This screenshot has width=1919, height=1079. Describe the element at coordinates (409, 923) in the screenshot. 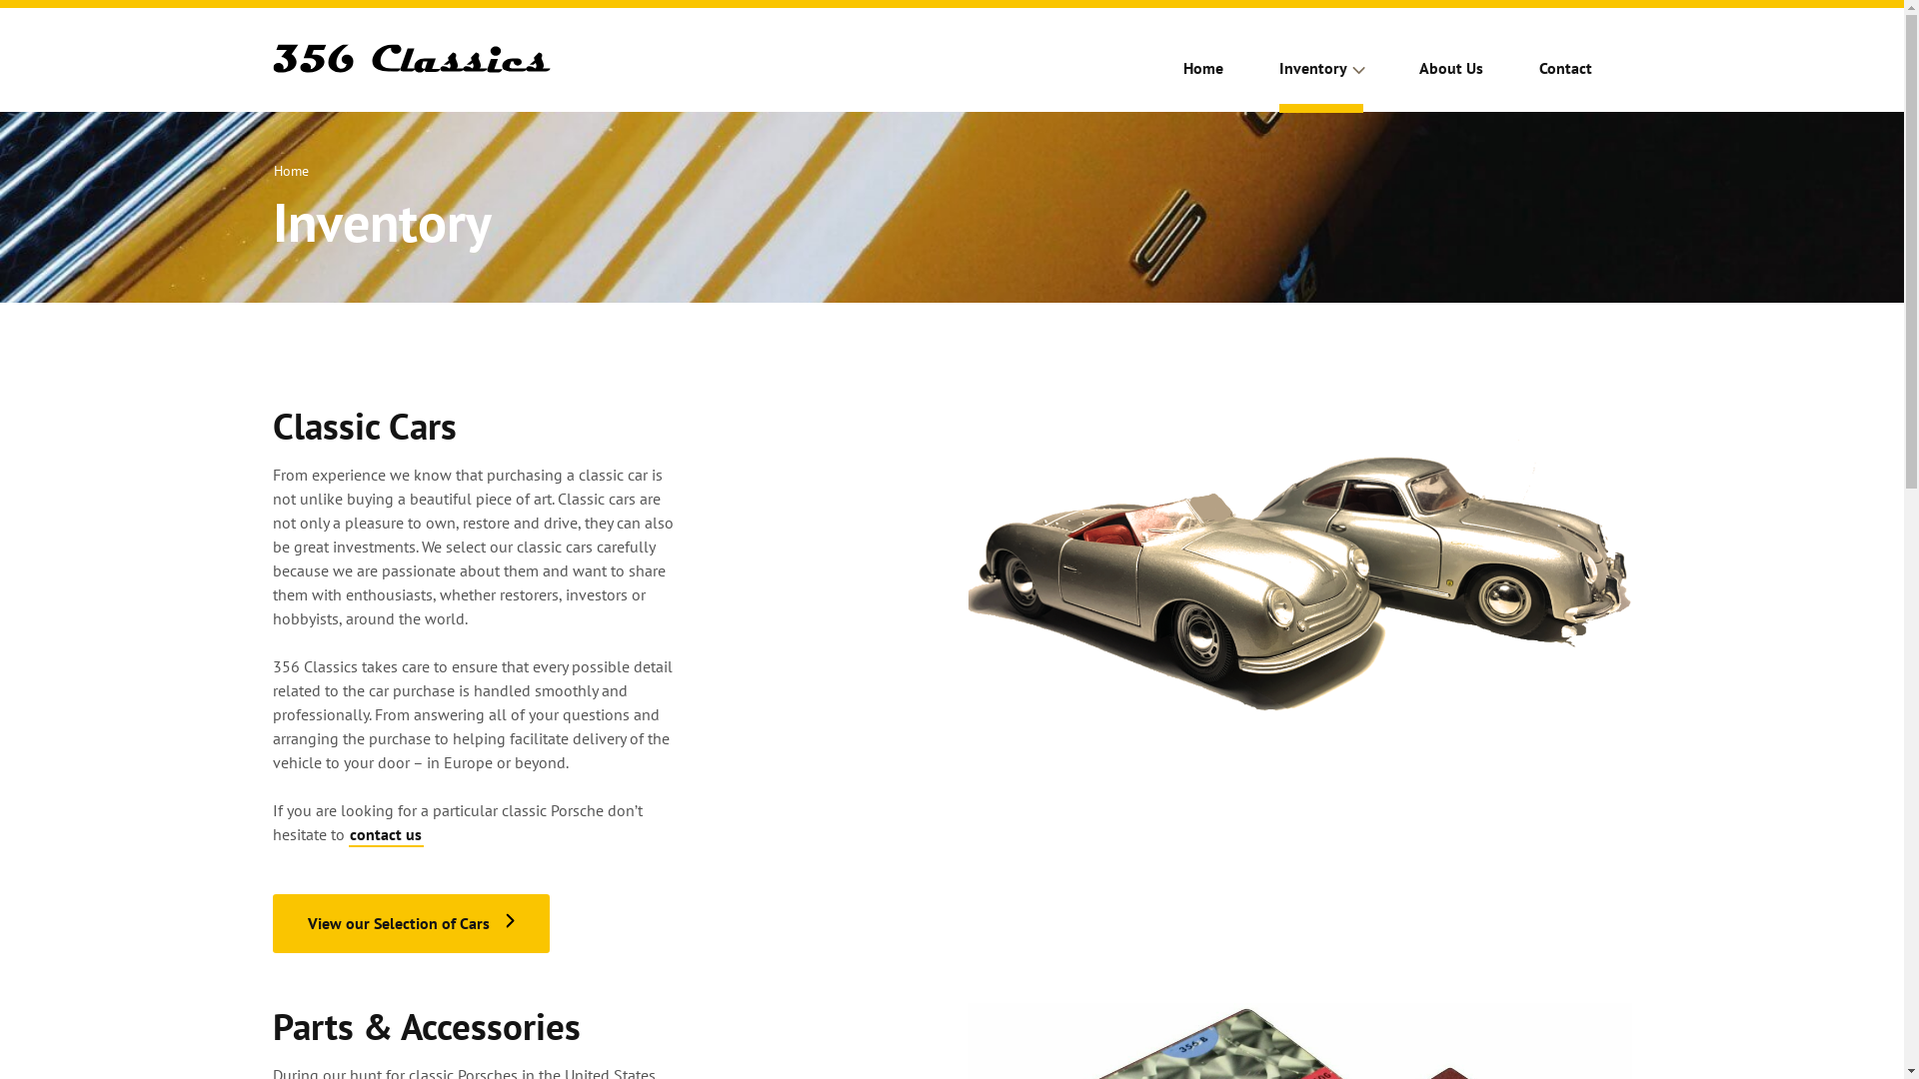

I see `'View our Selection of Cars'` at that location.